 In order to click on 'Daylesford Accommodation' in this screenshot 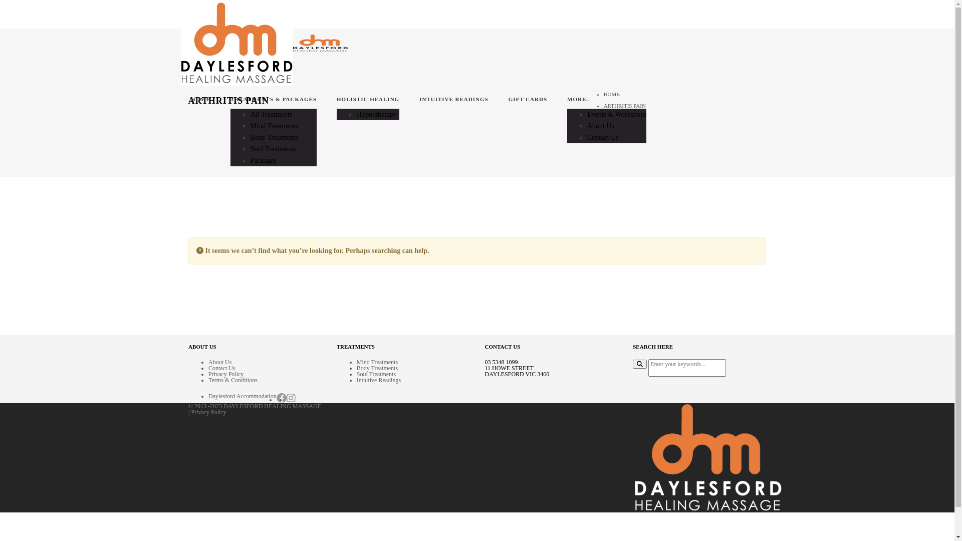, I will do `click(243, 395)`.